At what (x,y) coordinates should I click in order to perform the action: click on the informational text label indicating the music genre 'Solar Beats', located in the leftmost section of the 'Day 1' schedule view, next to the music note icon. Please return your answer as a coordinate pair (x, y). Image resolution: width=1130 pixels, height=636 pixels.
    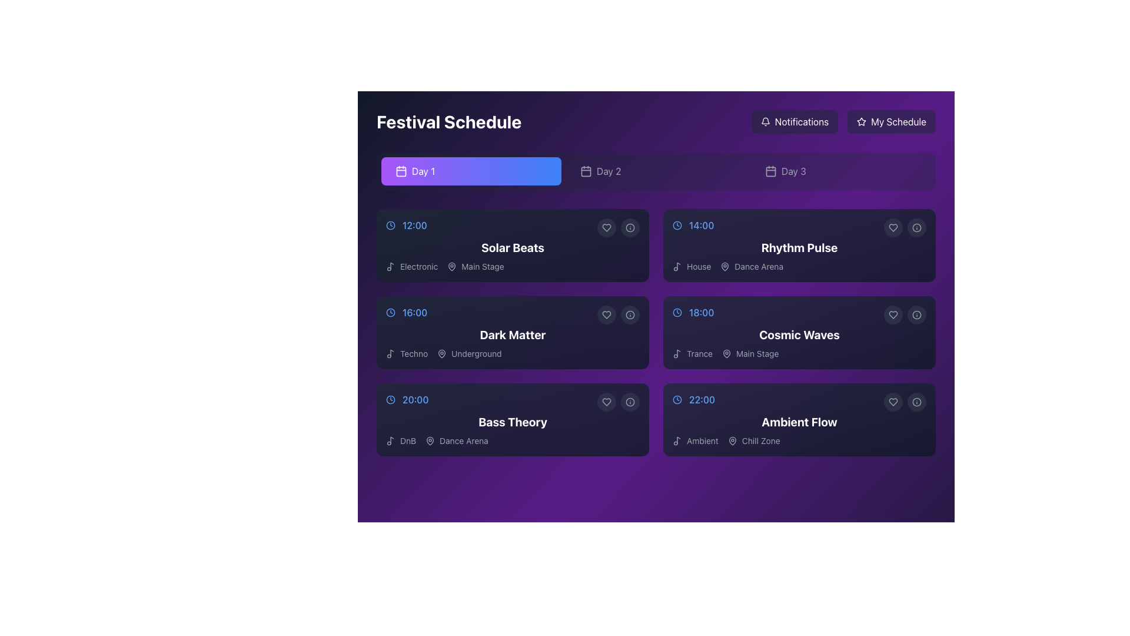
    Looking at the image, I should click on (412, 266).